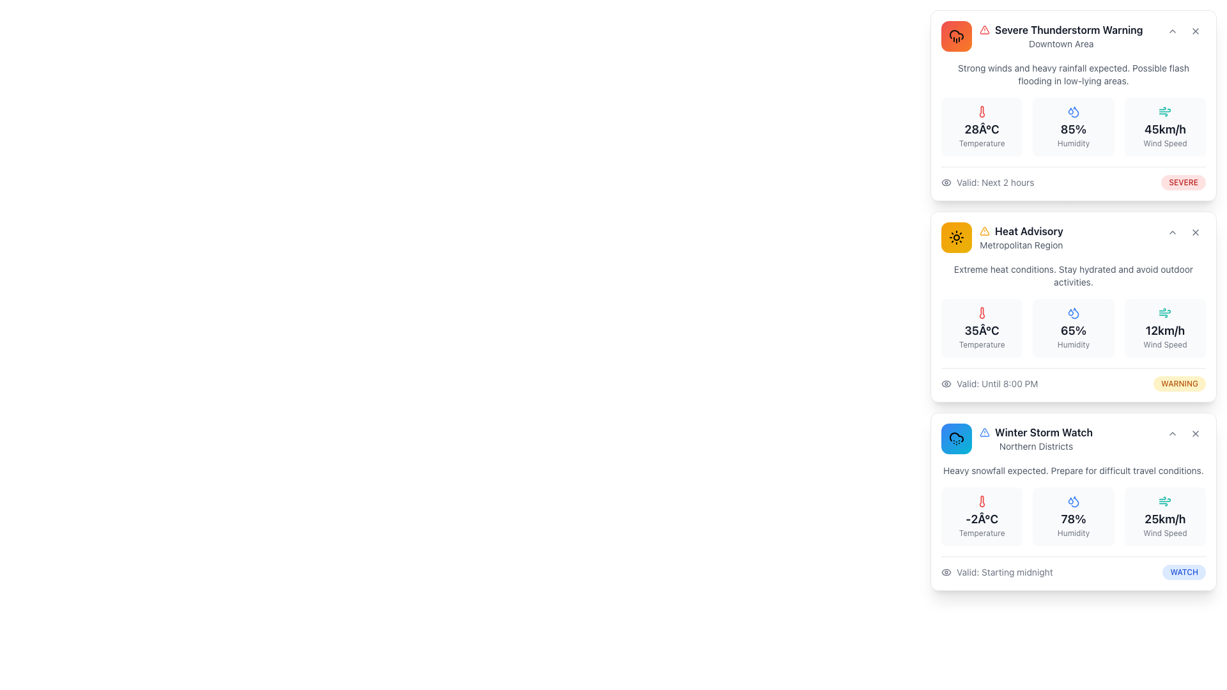  What do you see at coordinates (1195, 232) in the screenshot?
I see `the close button located at the top-right corner of the 'Heat Advisory' notification card` at bounding box center [1195, 232].